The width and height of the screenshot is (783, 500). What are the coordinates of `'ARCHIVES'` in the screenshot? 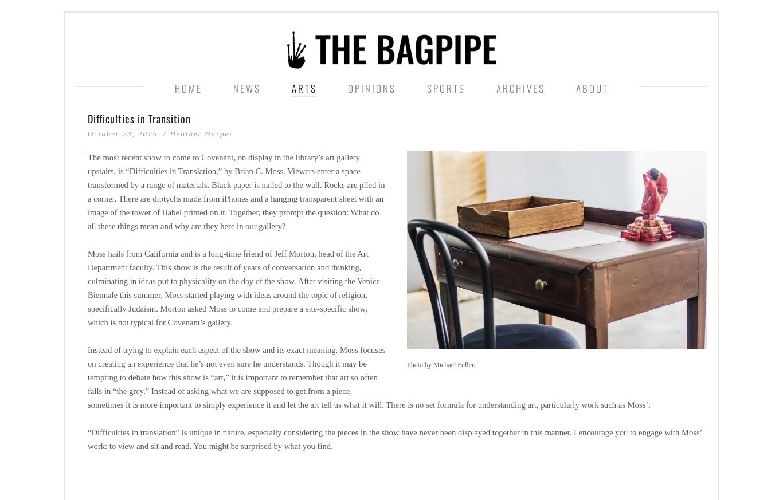 It's located at (519, 88).